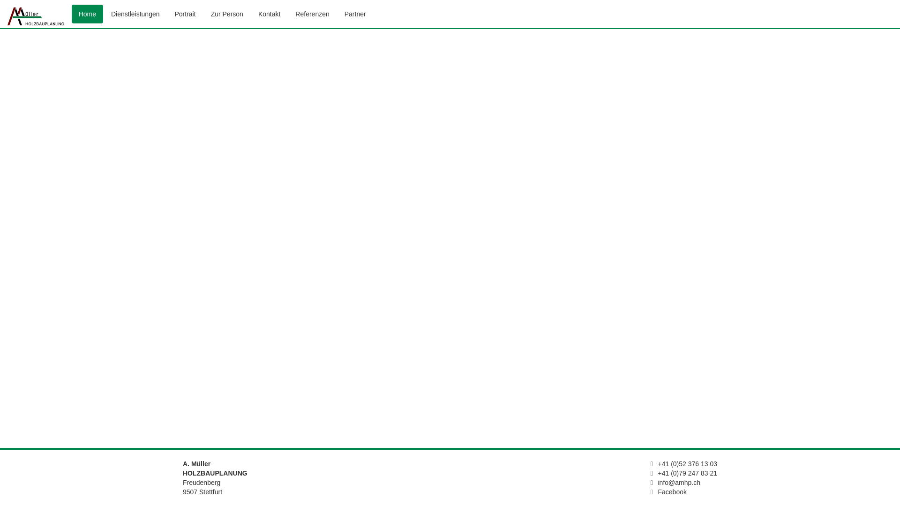  Describe the element at coordinates (185, 14) in the screenshot. I see `'Portrait'` at that location.